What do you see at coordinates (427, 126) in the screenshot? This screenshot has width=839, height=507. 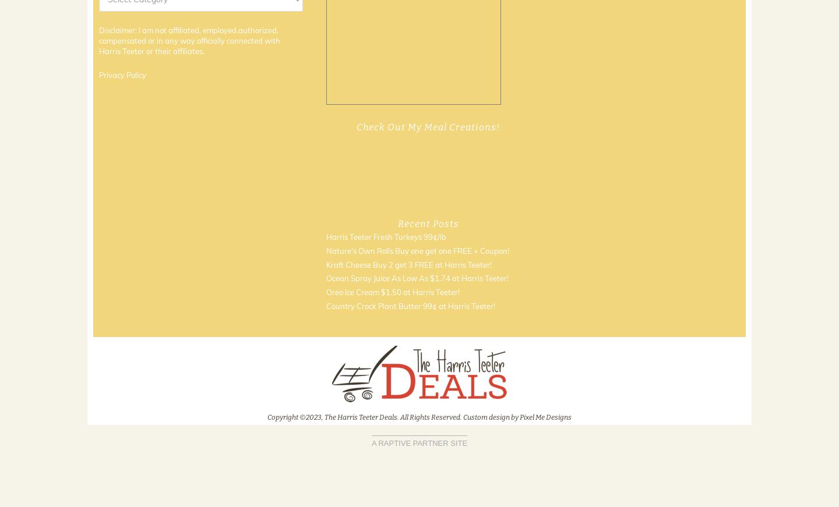 I see `'Check Out My Meal Creations!'` at bounding box center [427, 126].